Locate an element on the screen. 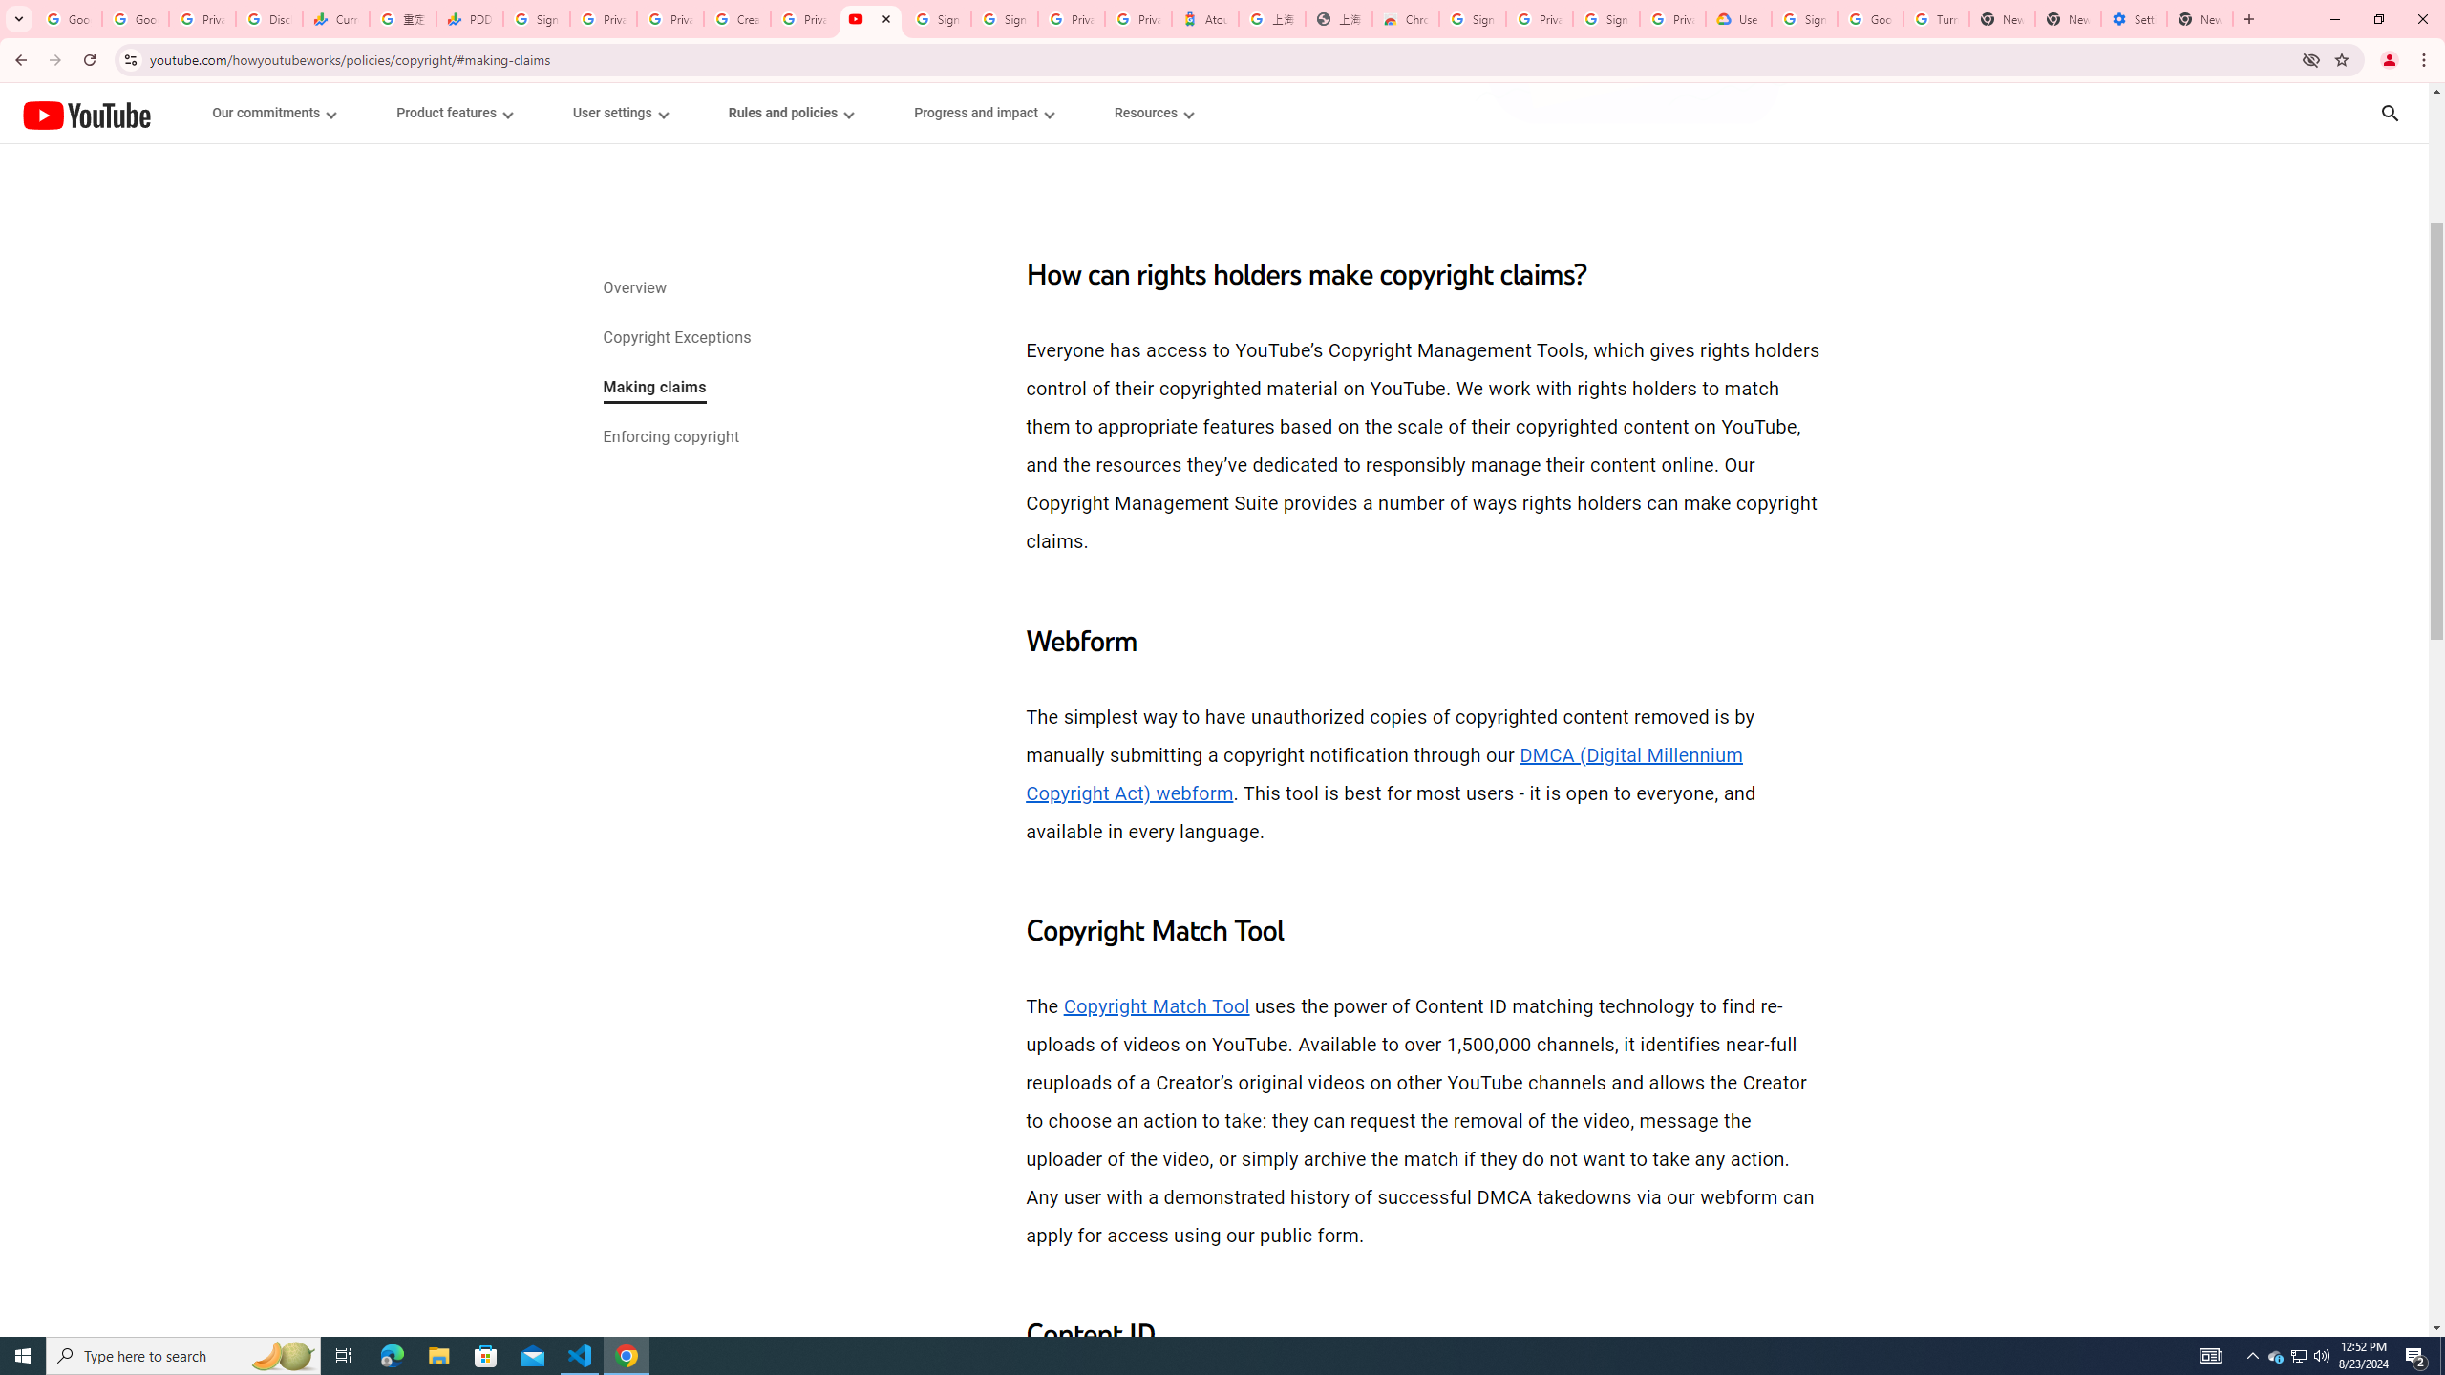  'Sign in - Google Accounts' is located at coordinates (1472, 18).